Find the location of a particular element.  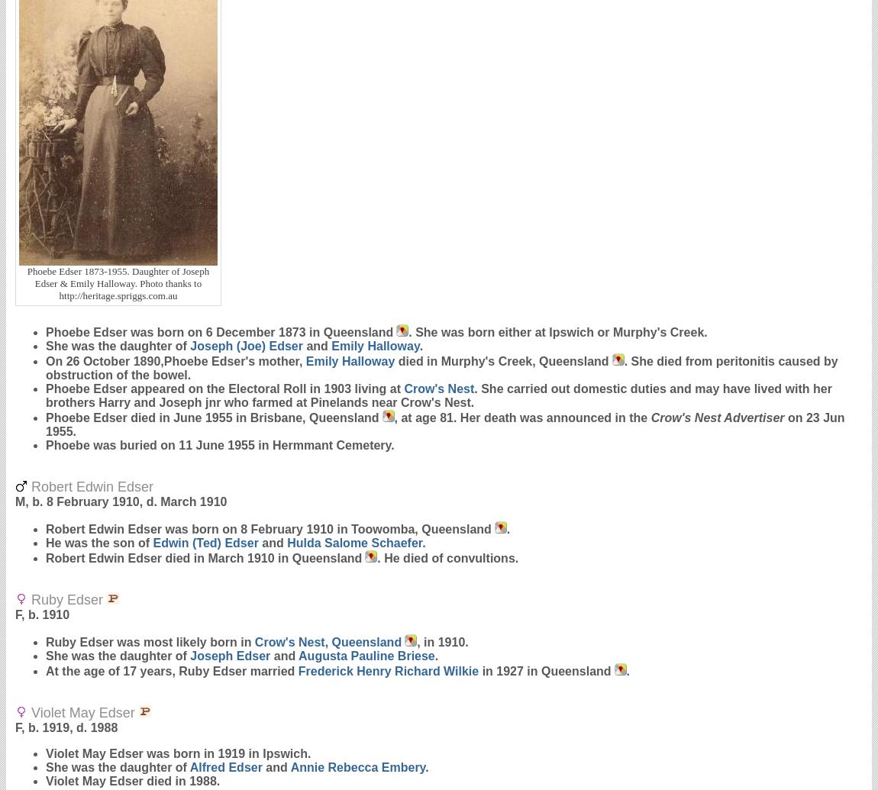

', in 1910.' is located at coordinates (441, 641).